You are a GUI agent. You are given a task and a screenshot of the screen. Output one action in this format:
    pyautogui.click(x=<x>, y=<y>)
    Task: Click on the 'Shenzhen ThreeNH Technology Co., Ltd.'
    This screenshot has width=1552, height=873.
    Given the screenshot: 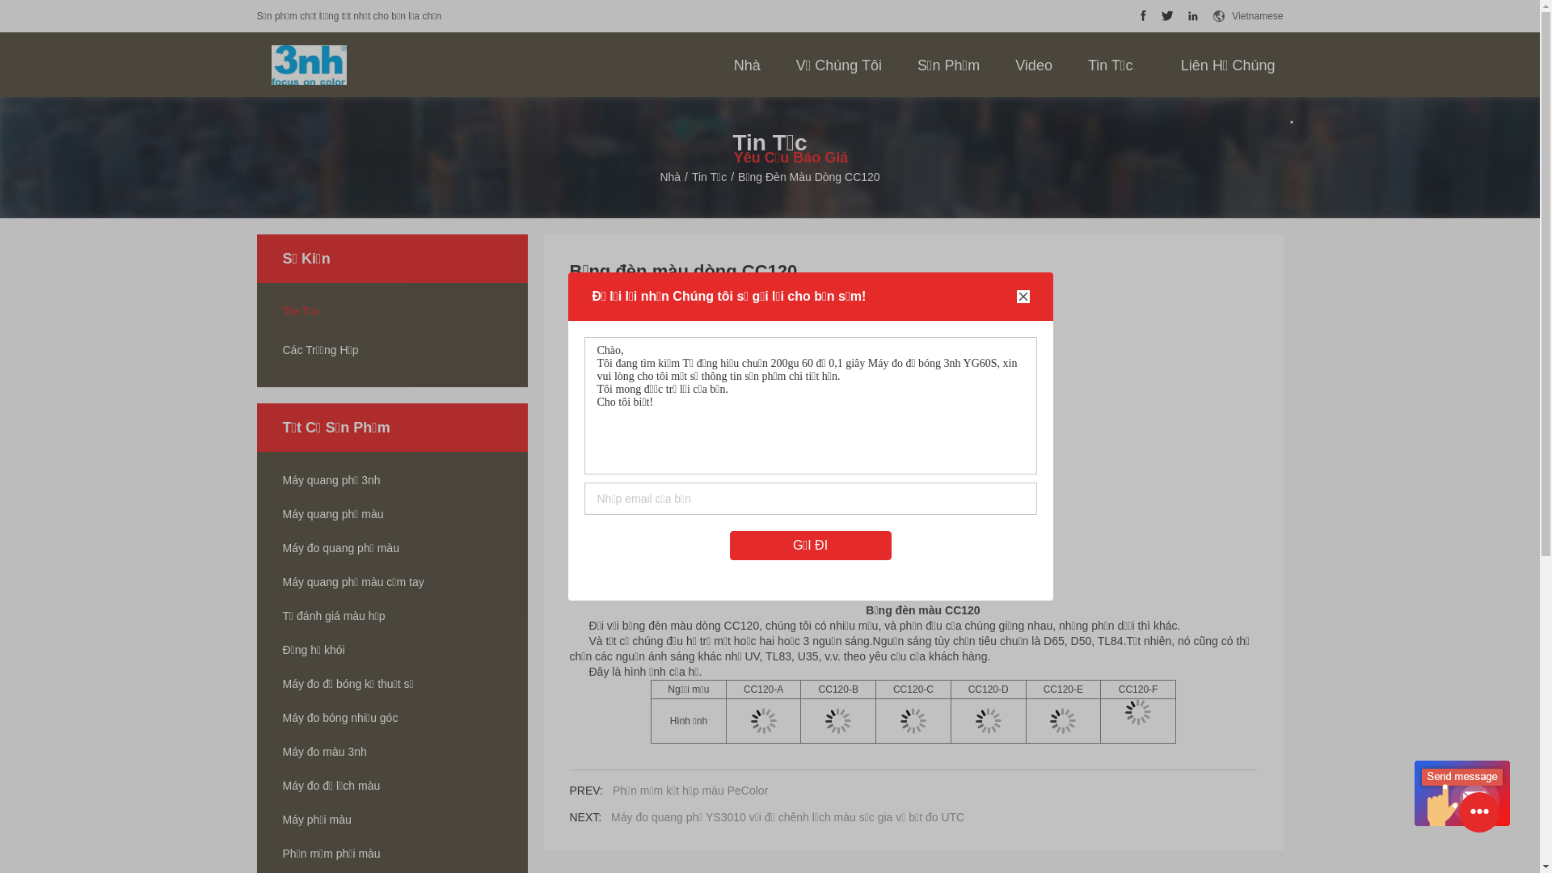 What is the action you would take?
    pyautogui.click(x=309, y=64)
    